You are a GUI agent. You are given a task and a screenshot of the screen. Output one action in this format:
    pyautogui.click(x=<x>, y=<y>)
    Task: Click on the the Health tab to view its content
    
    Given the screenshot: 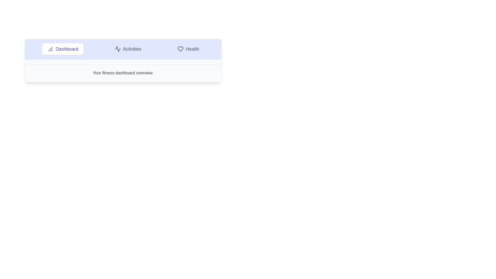 What is the action you would take?
    pyautogui.click(x=188, y=49)
    